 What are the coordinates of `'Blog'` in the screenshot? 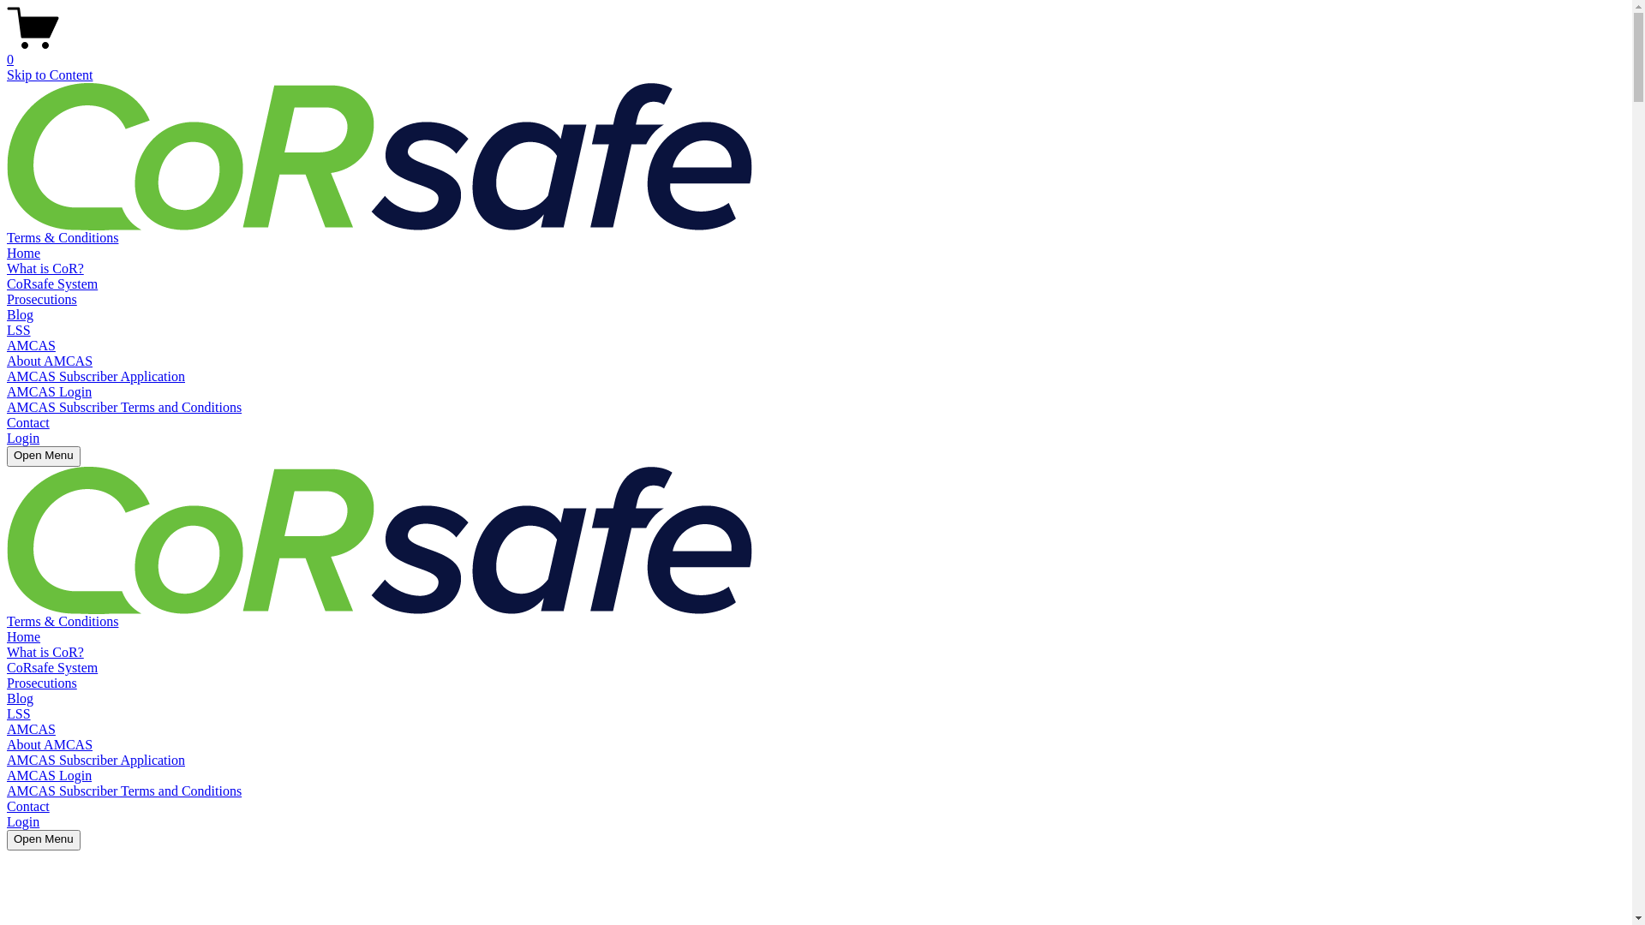 It's located at (20, 314).